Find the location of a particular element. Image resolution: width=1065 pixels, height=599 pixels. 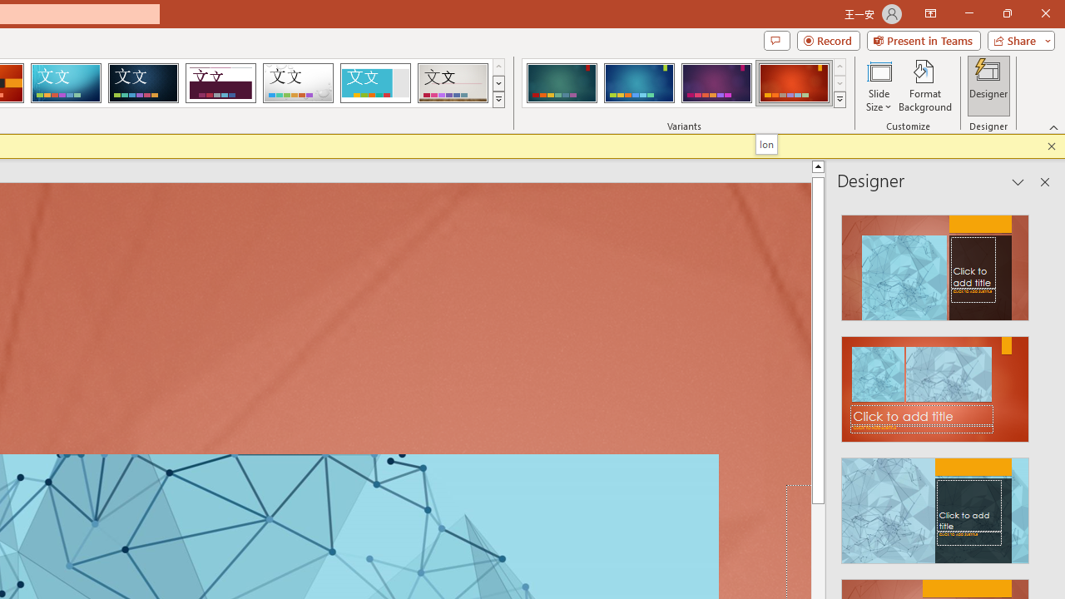

'Ion' is located at coordinates (765, 143).